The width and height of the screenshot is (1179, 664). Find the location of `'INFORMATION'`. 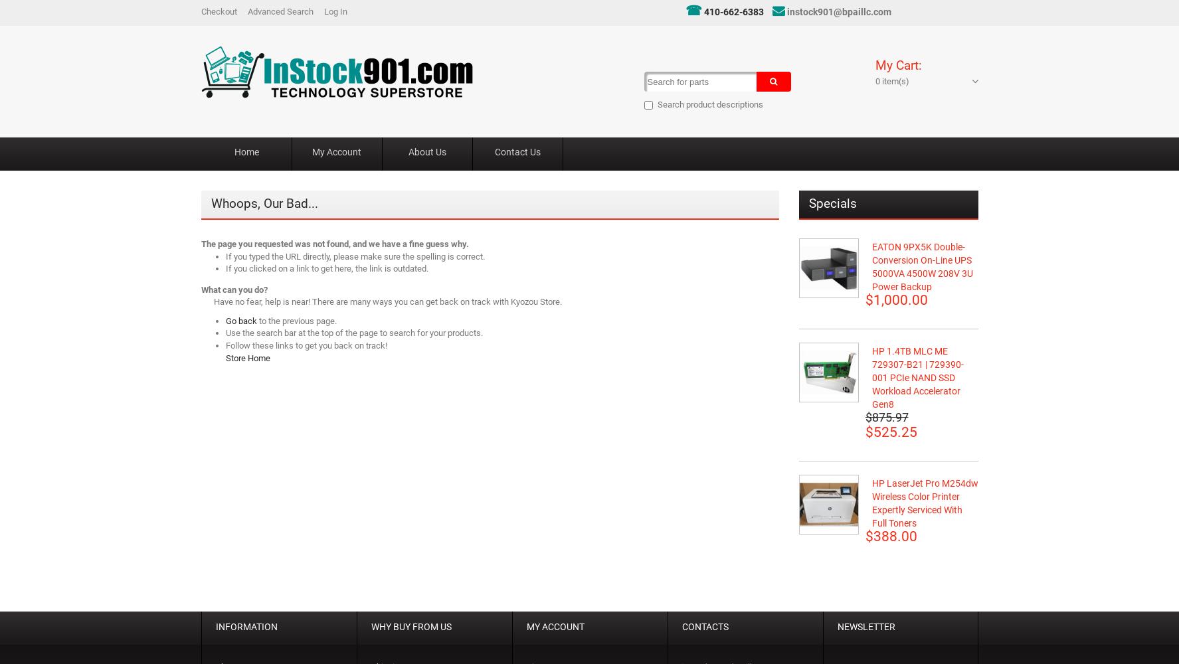

'INFORMATION' is located at coordinates (245, 626).